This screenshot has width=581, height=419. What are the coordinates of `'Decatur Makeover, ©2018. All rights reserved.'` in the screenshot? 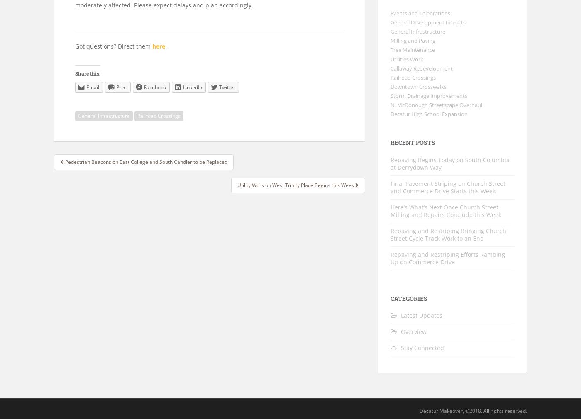 It's located at (473, 411).